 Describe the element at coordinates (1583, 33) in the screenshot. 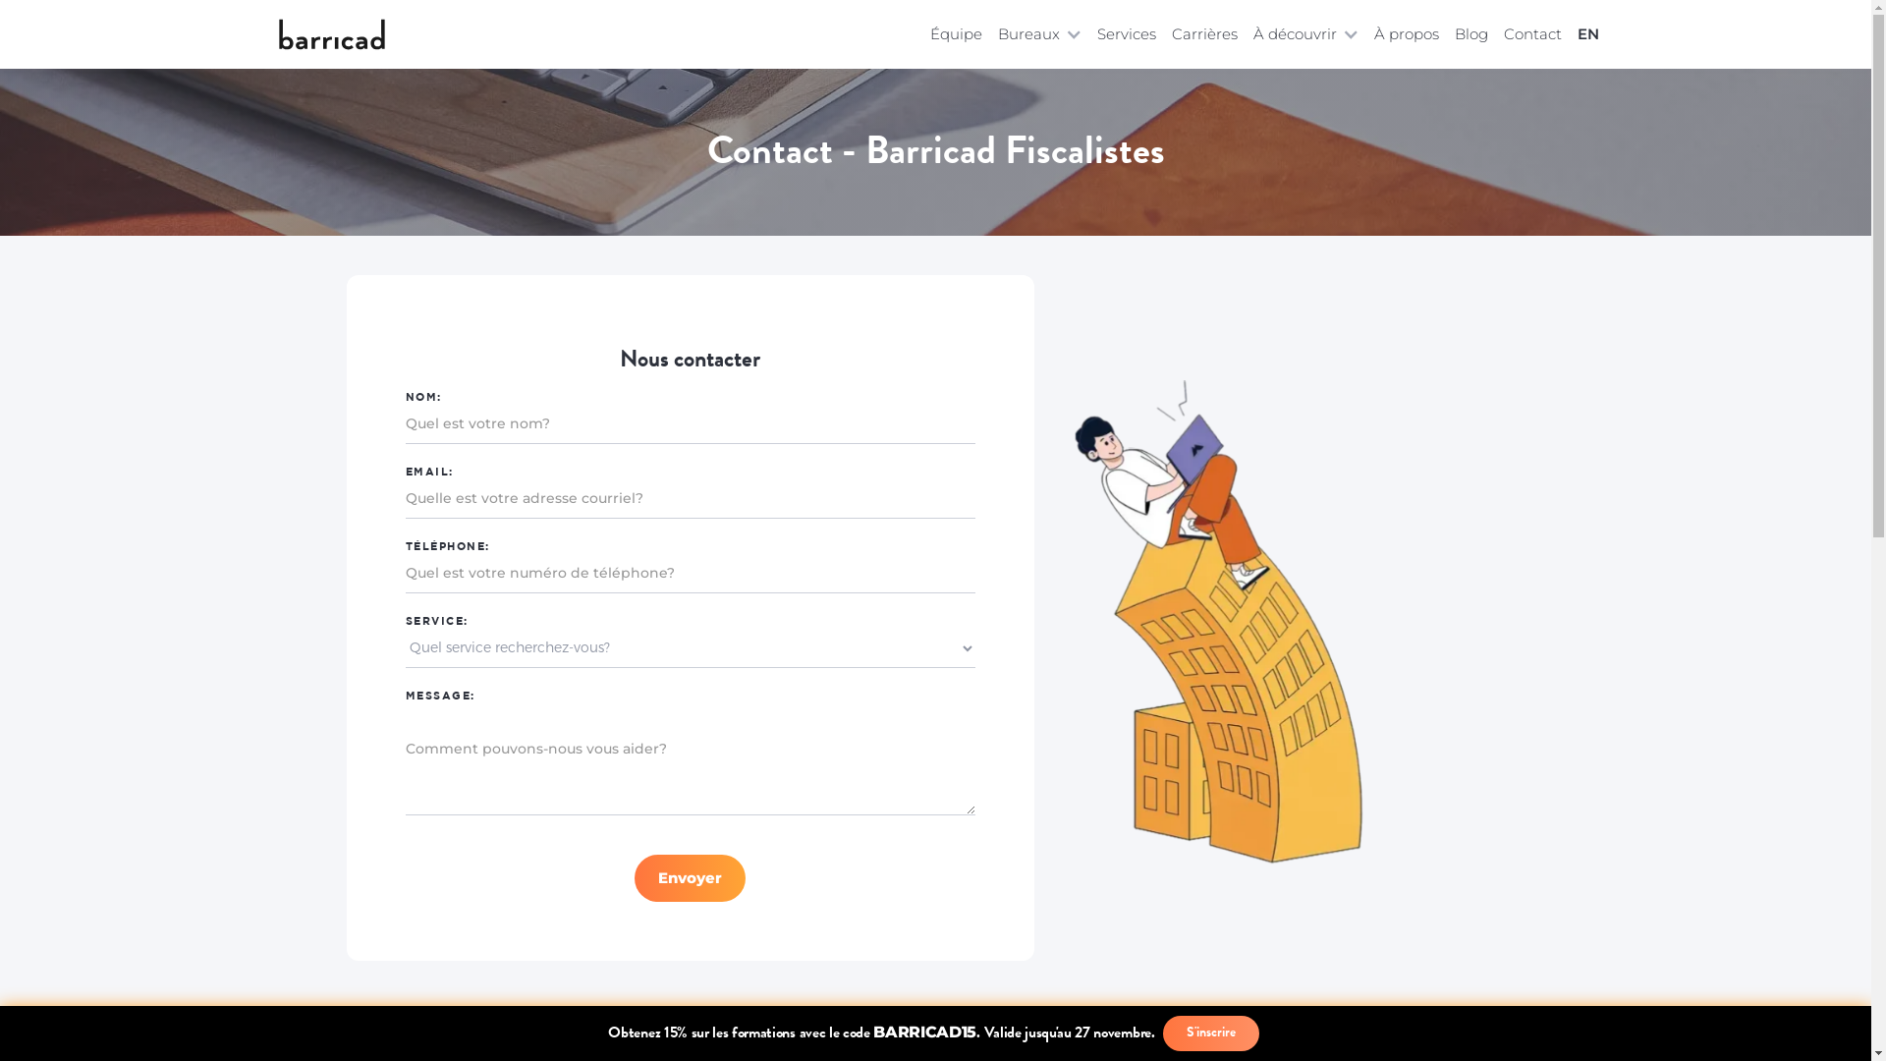

I see `'EN'` at that location.